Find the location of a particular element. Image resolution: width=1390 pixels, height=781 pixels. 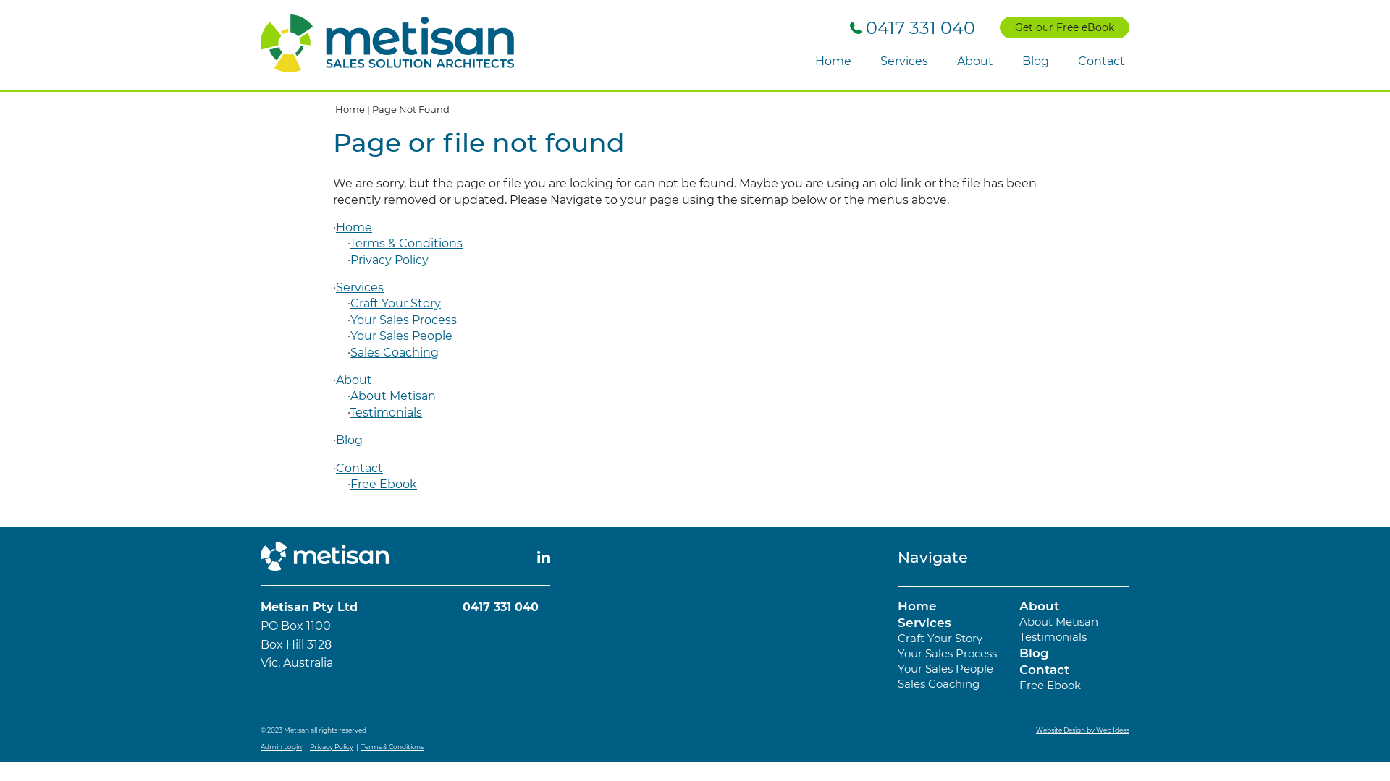

'Your Sales Process' is located at coordinates (947, 653).